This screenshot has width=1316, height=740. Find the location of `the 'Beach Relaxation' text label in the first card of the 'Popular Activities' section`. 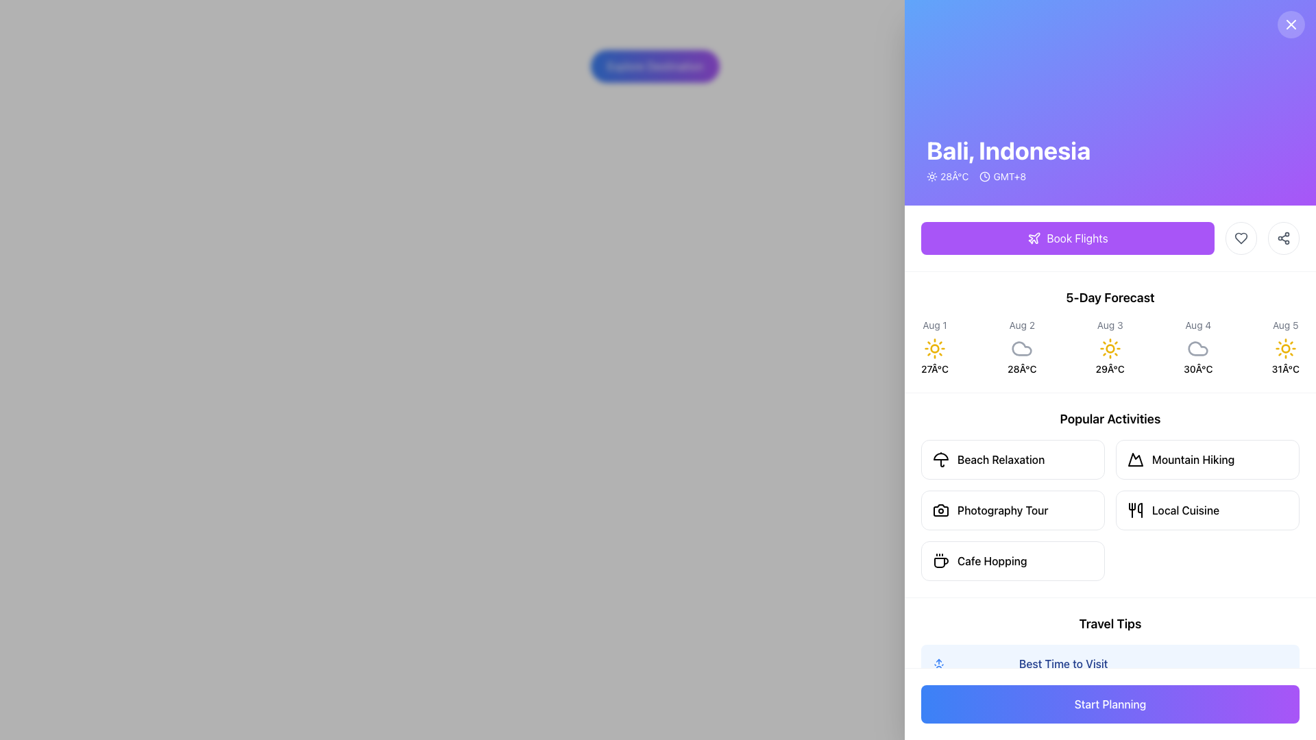

the 'Beach Relaxation' text label in the first card of the 'Popular Activities' section is located at coordinates (1001, 460).